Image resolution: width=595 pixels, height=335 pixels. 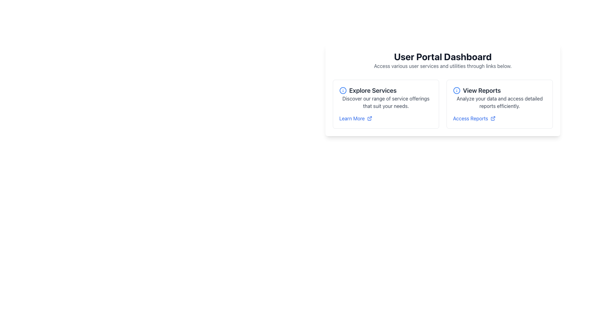 I want to click on the text label stating 'Discover our range of service offerings that suit your needs.' which is positioned below the 'Explore Services' header in the left card of two content cards, so click(x=386, y=102).